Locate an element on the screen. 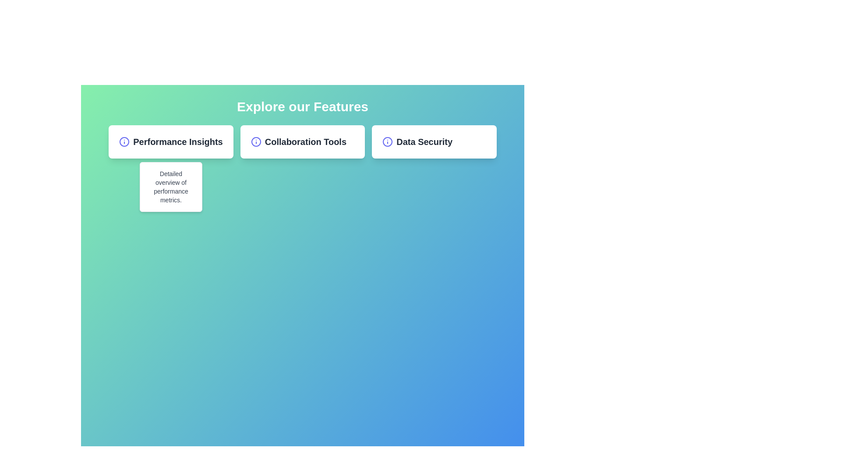 This screenshot has height=473, width=841. the circular graphic representing the 'Data Security' feature, which is located to the far right among three horizontally arranged features below the 'Explore our Features' heading is located at coordinates (387, 141).